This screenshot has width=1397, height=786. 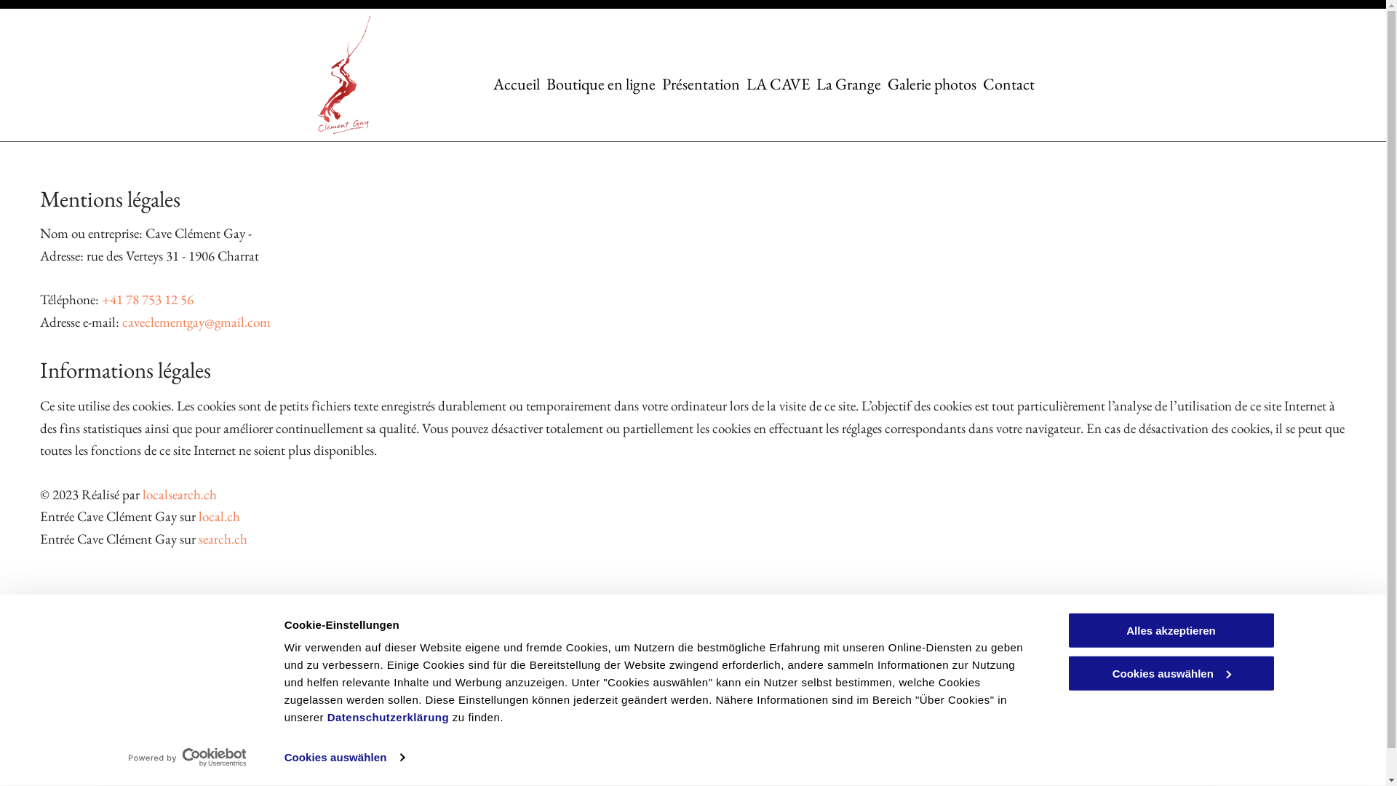 What do you see at coordinates (100, 298) in the screenshot?
I see `'+41 78 753 12 56'` at bounding box center [100, 298].